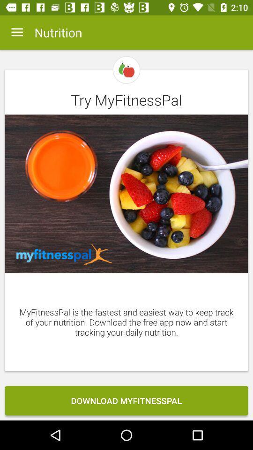  I want to click on the item to the left of nutrition, so click(17, 32).